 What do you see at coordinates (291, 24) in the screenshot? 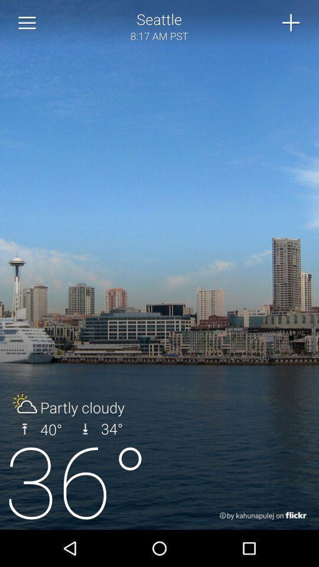
I see `the add icon` at bounding box center [291, 24].